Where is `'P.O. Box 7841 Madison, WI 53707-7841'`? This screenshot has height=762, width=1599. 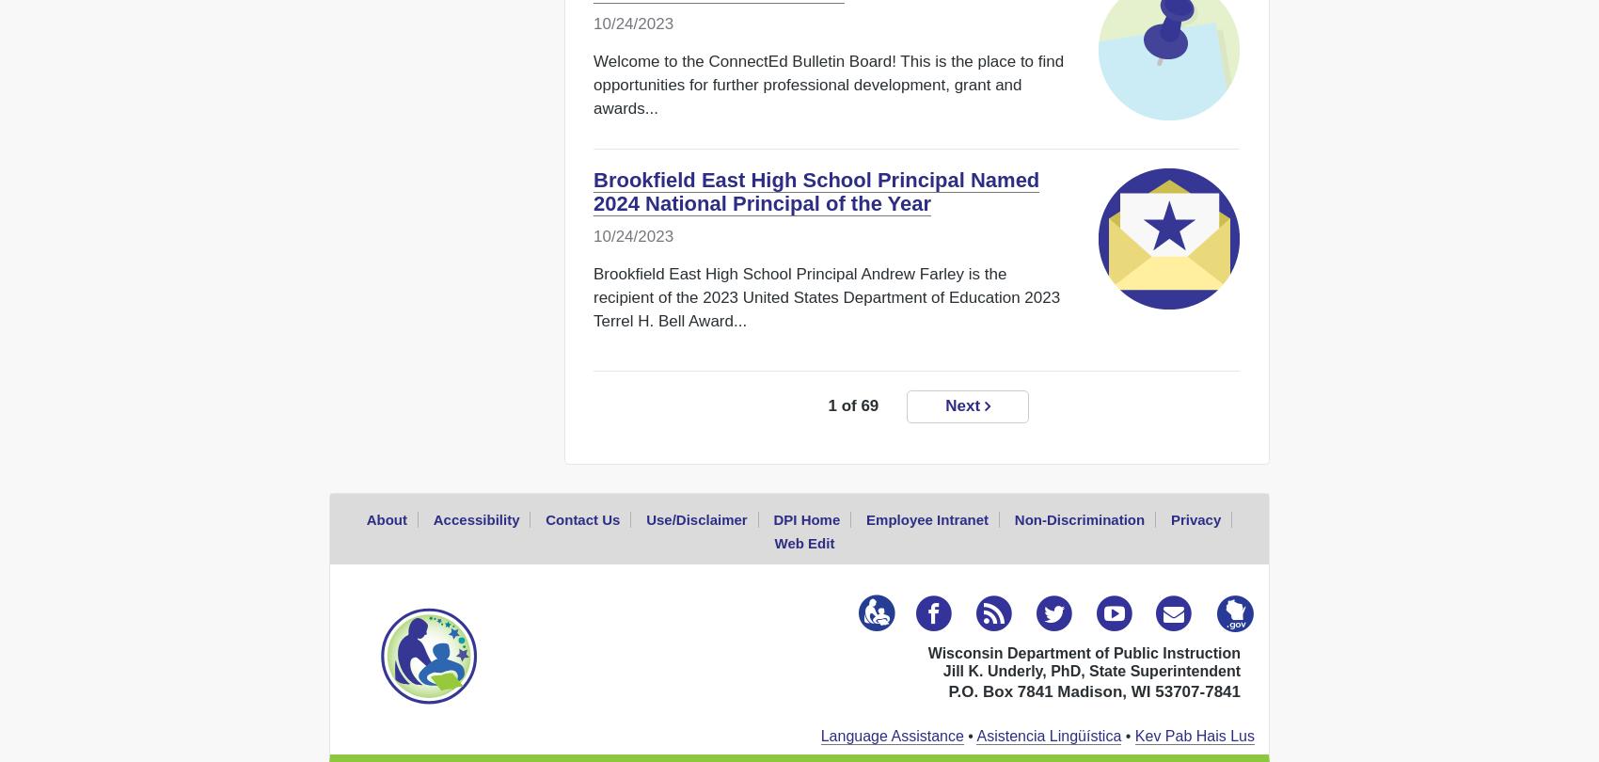
'P.O. Box 7841 Madison, WI 53707-7841' is located at coordinates (1094, 690).